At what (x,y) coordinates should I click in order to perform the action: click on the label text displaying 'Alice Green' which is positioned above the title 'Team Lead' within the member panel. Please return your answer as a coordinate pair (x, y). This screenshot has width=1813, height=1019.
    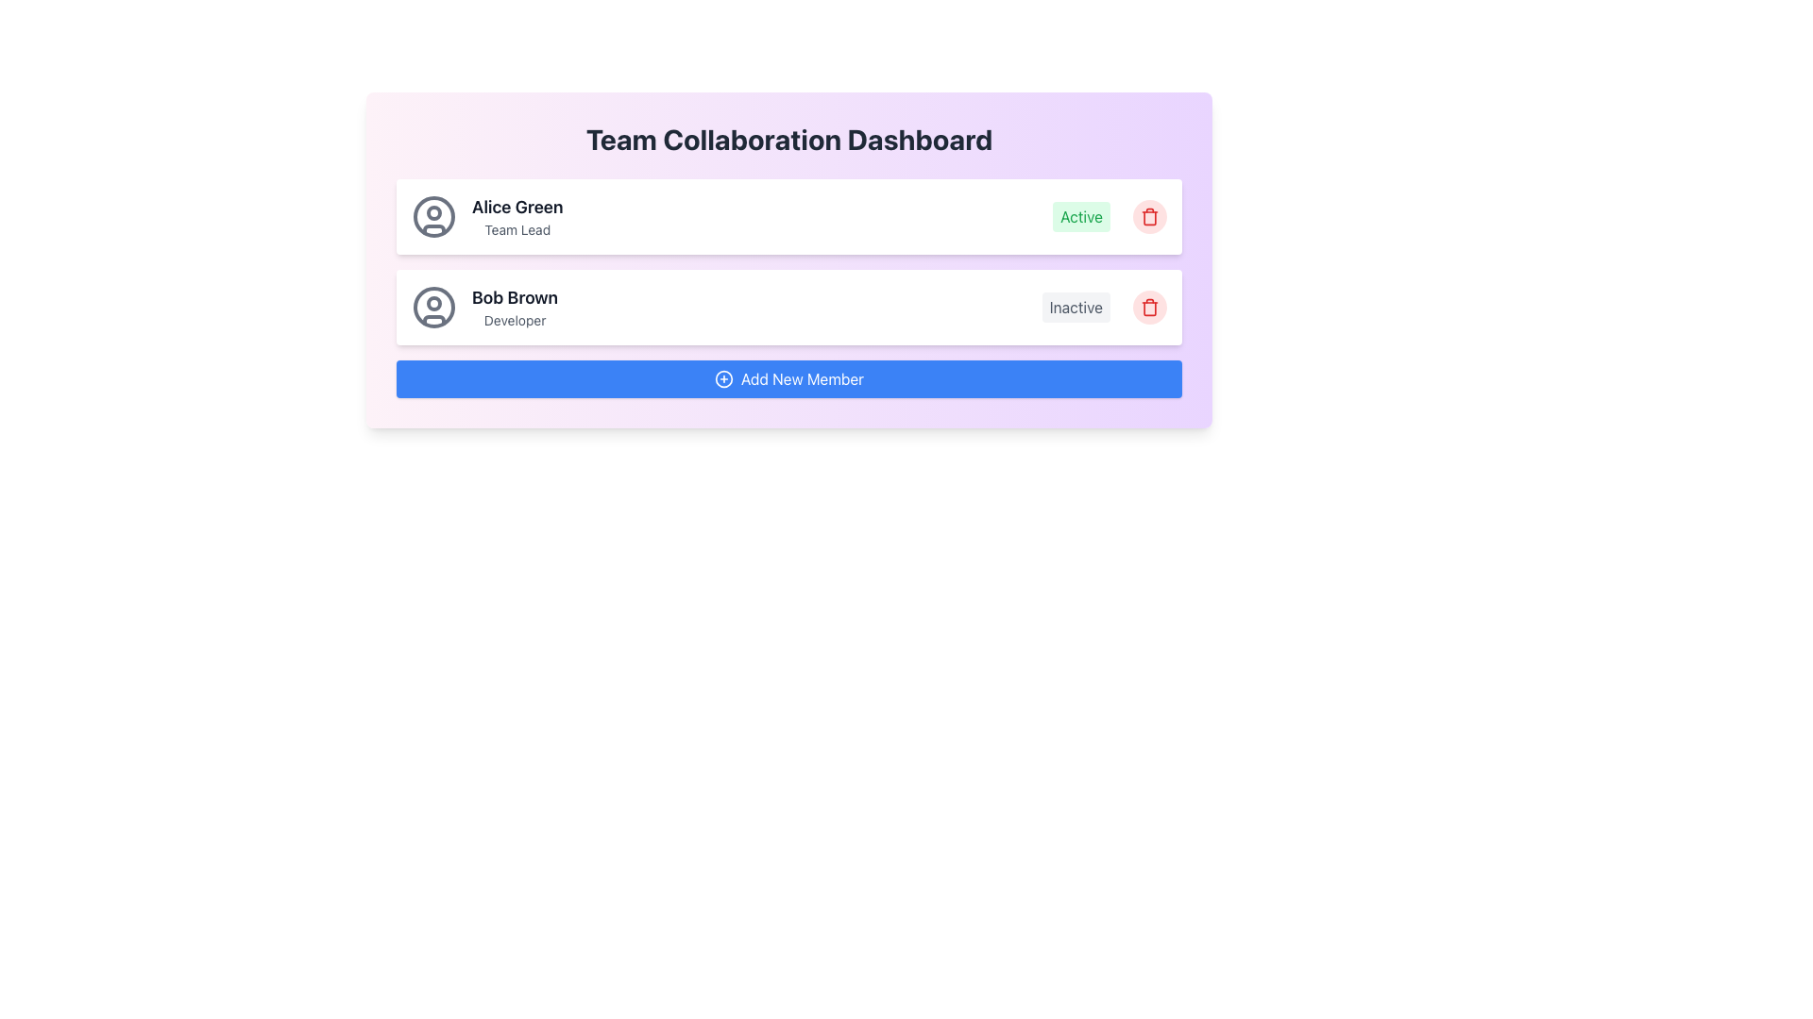
    Looking at the image, I should click on (517, 216).